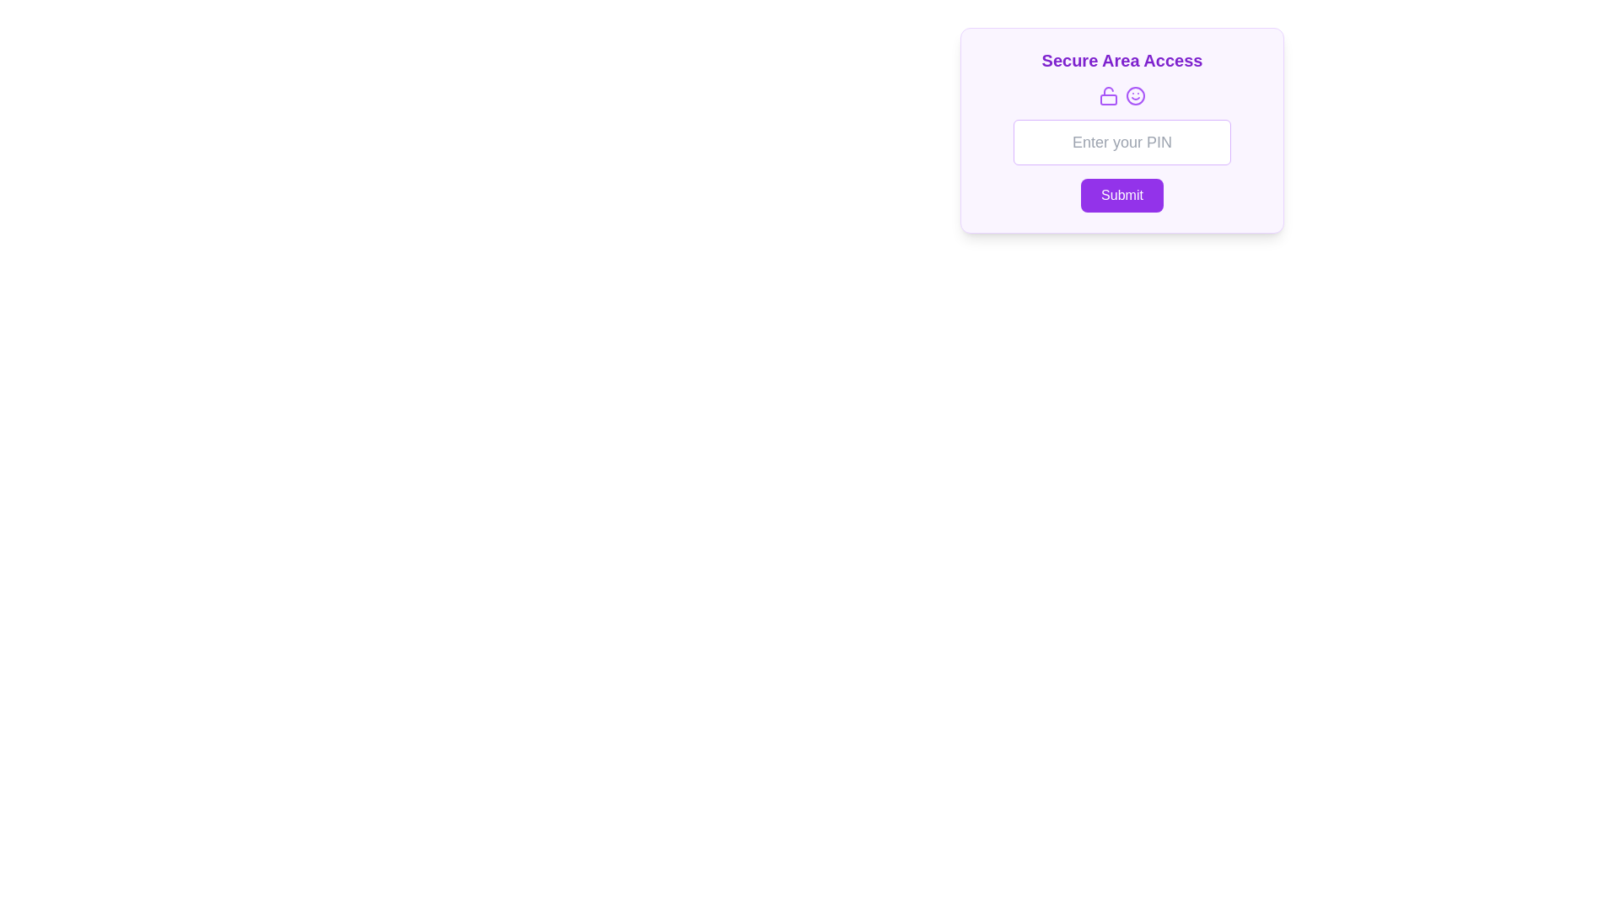 The height and width of the screenshot is (911, 1619). Describe the element at coordinates (1121, 96) in the screenshot. I see `the decorative icon group that emphasizes the 'secure area access' theme, positioned centrally below the title 'Secure Area Access'` at that location.